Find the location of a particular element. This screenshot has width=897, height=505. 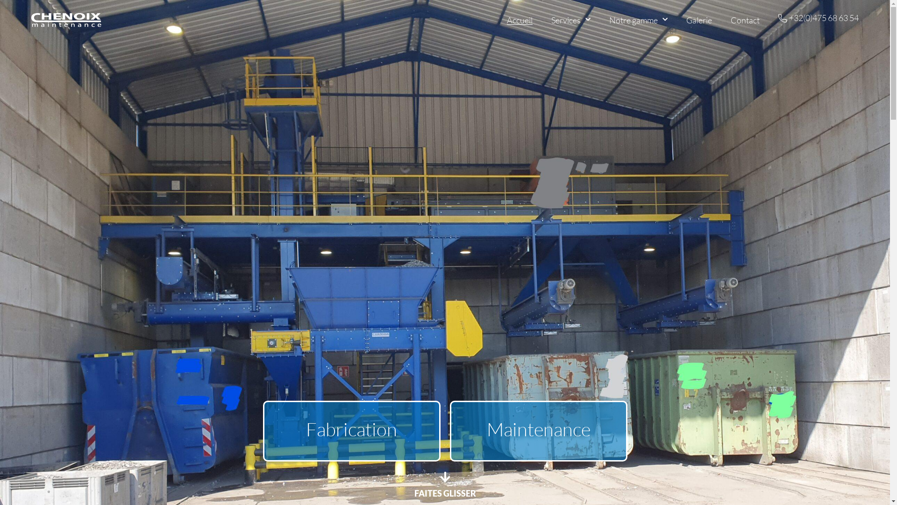

'Services' is located at coordinates (551, 20).